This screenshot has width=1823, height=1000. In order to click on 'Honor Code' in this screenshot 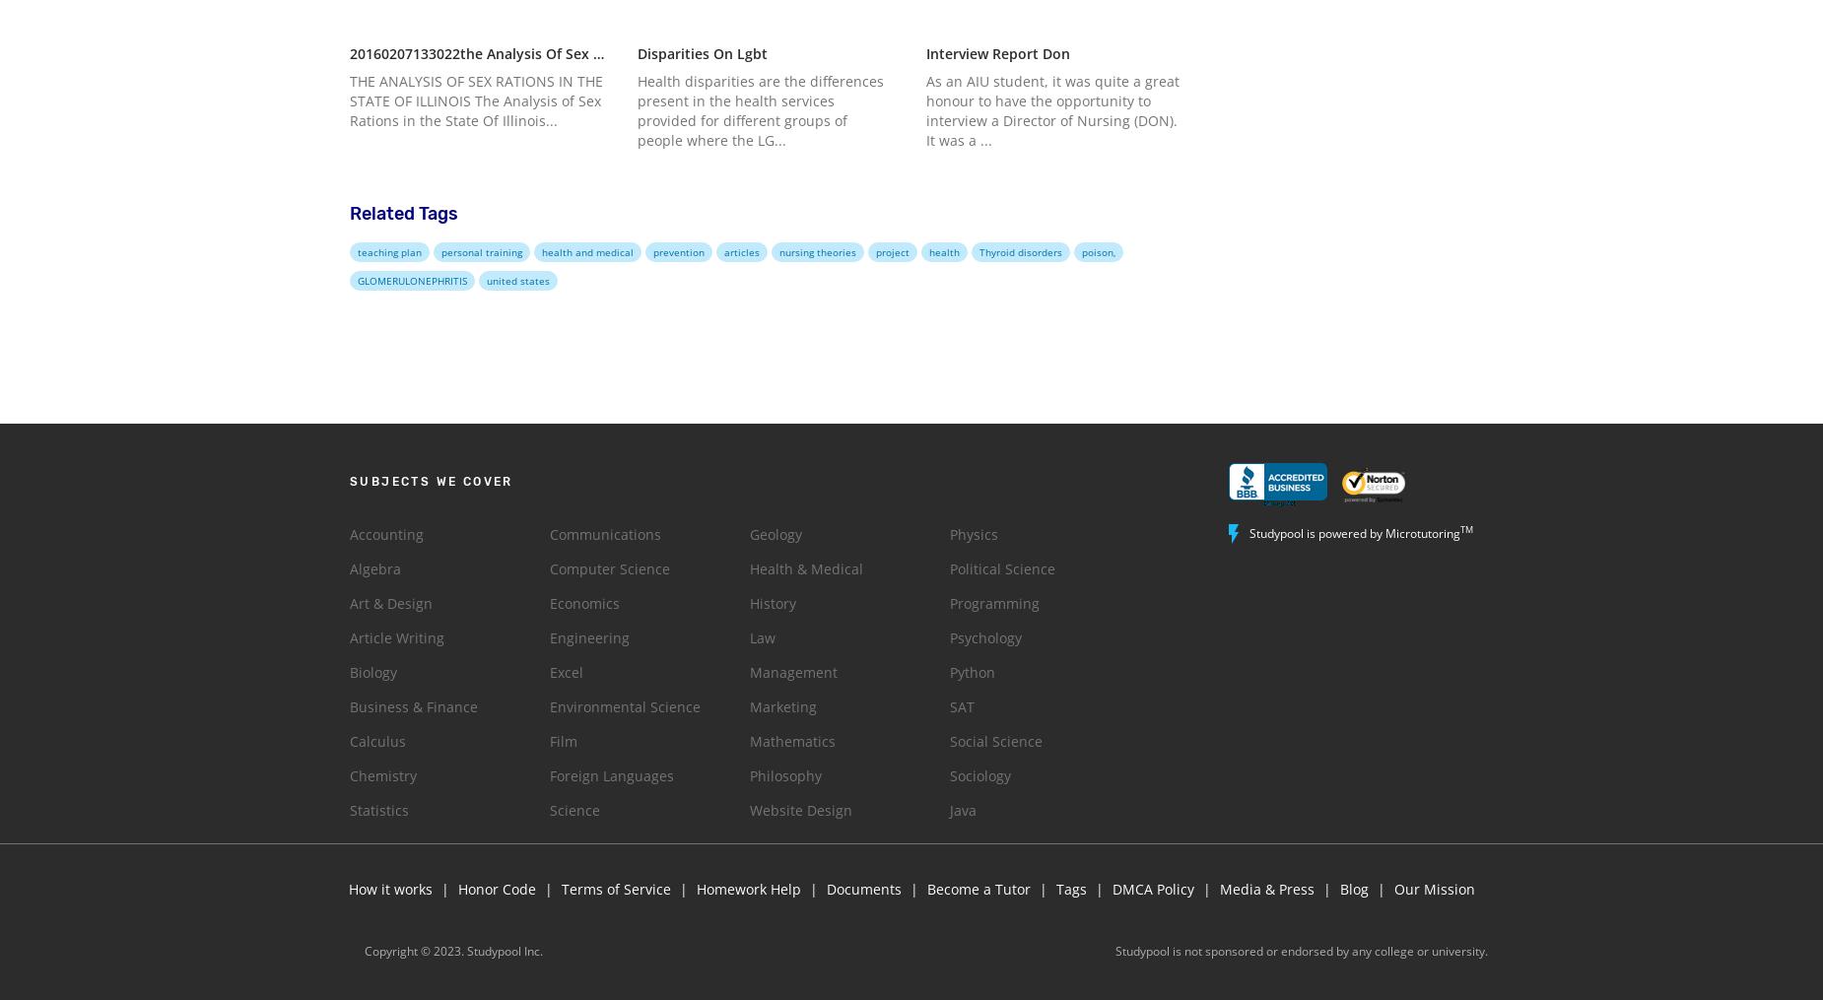, I will do `click(455, 887)`.